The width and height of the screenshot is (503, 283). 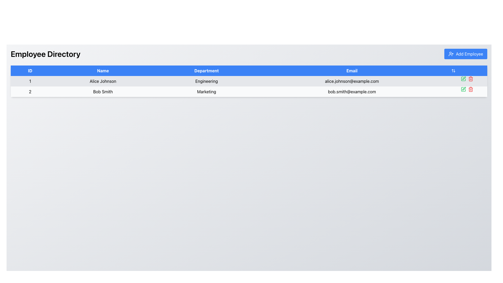 I want to click on the table cell in the first row under the 'ID' column, which identifies the row corresponding to 'Alice Johnson', so click(x=30, y=81).